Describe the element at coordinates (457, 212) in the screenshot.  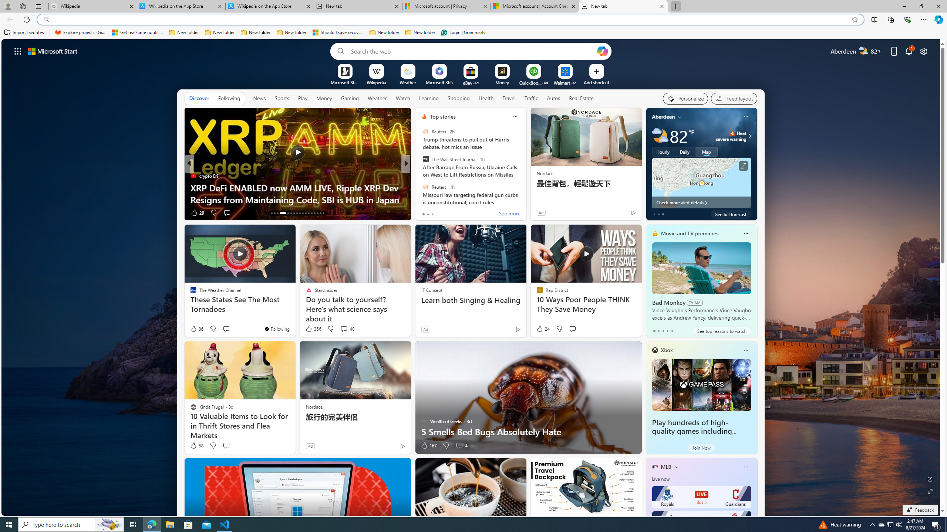
I see `'View comments 5 Comment'` at that location.